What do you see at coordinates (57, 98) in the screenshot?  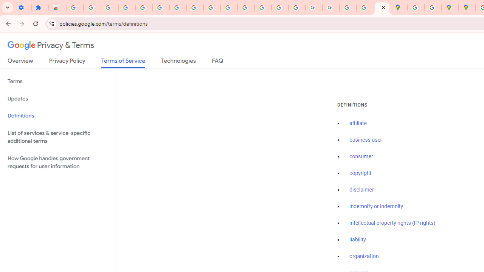 I see `'Updates'` at bounding box center [57, 98].